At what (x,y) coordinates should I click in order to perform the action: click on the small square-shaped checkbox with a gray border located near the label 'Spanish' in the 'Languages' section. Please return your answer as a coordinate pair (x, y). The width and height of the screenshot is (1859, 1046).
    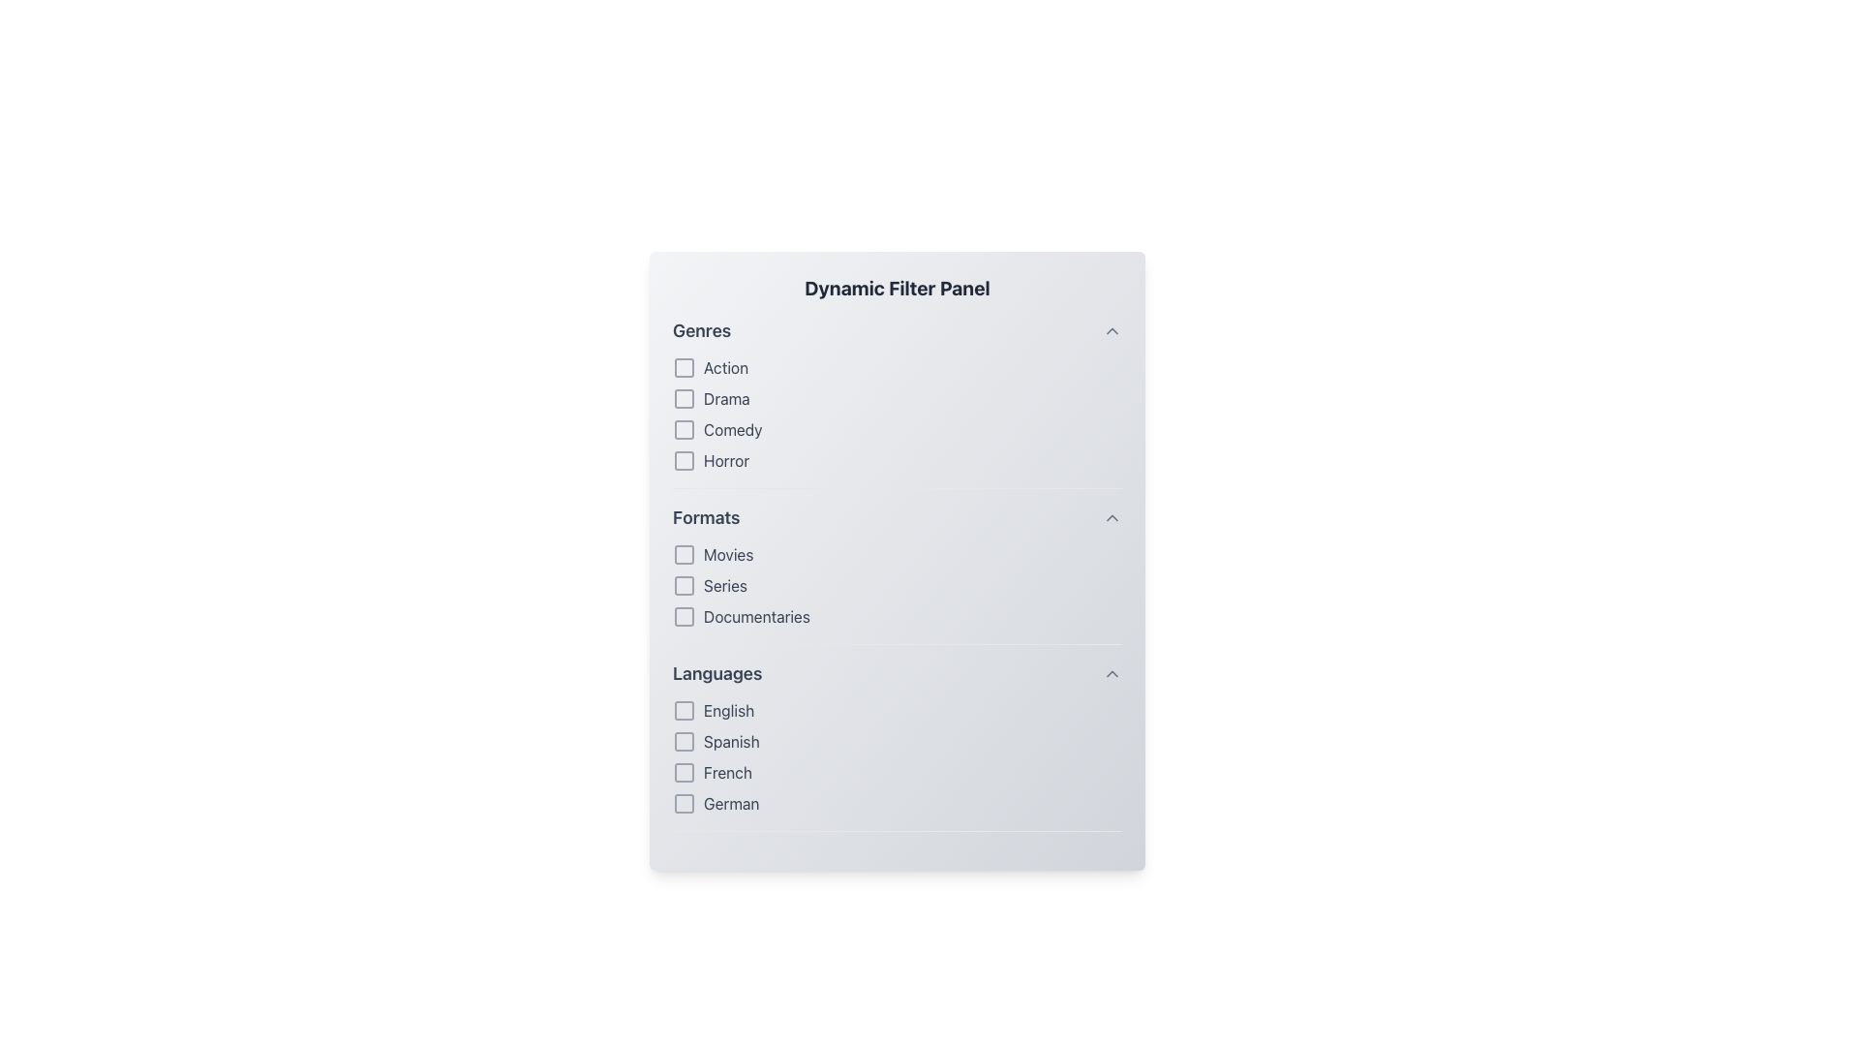
    Looking at the image, I should click on (684, 741).